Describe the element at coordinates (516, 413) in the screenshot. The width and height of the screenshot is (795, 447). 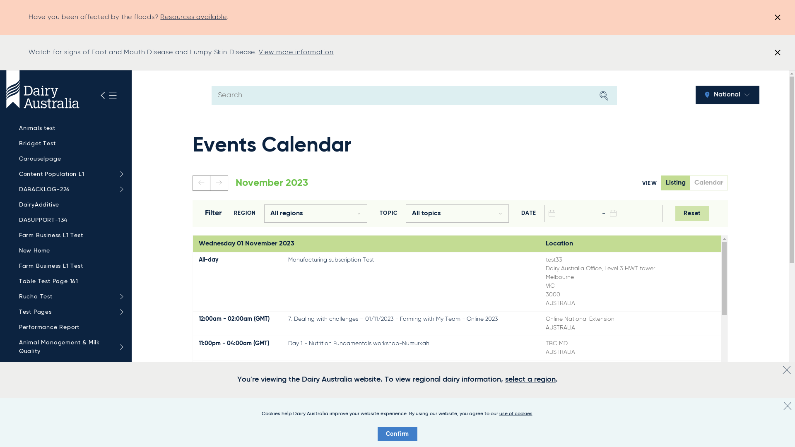
I see `'use of cookies'` at that location.